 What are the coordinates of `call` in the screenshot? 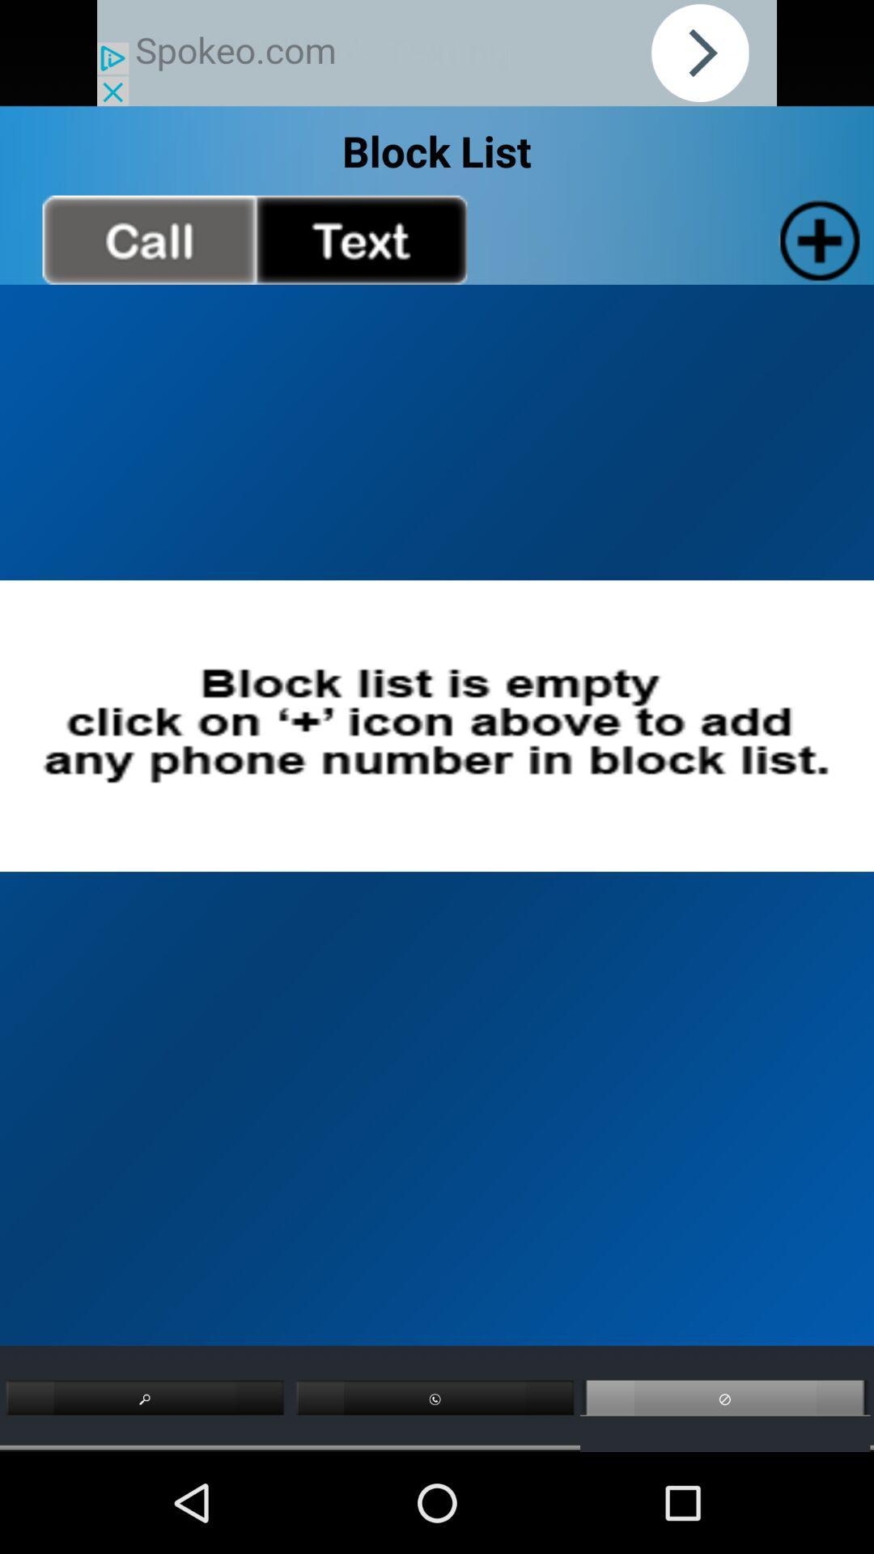 It's located at (148, 239).